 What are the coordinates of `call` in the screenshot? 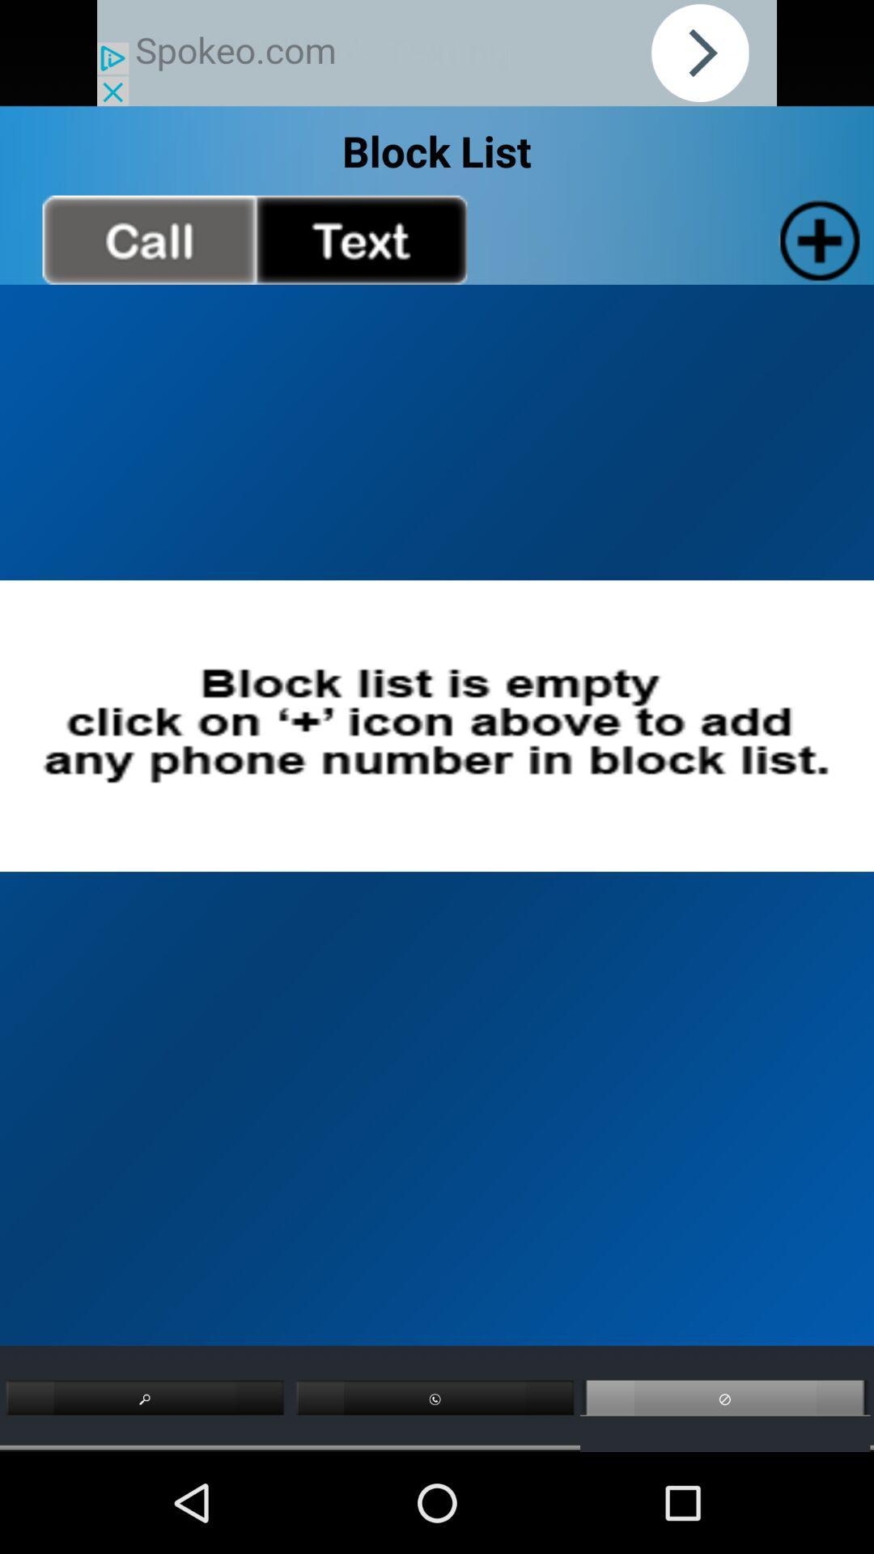 It's located at (148, 239).